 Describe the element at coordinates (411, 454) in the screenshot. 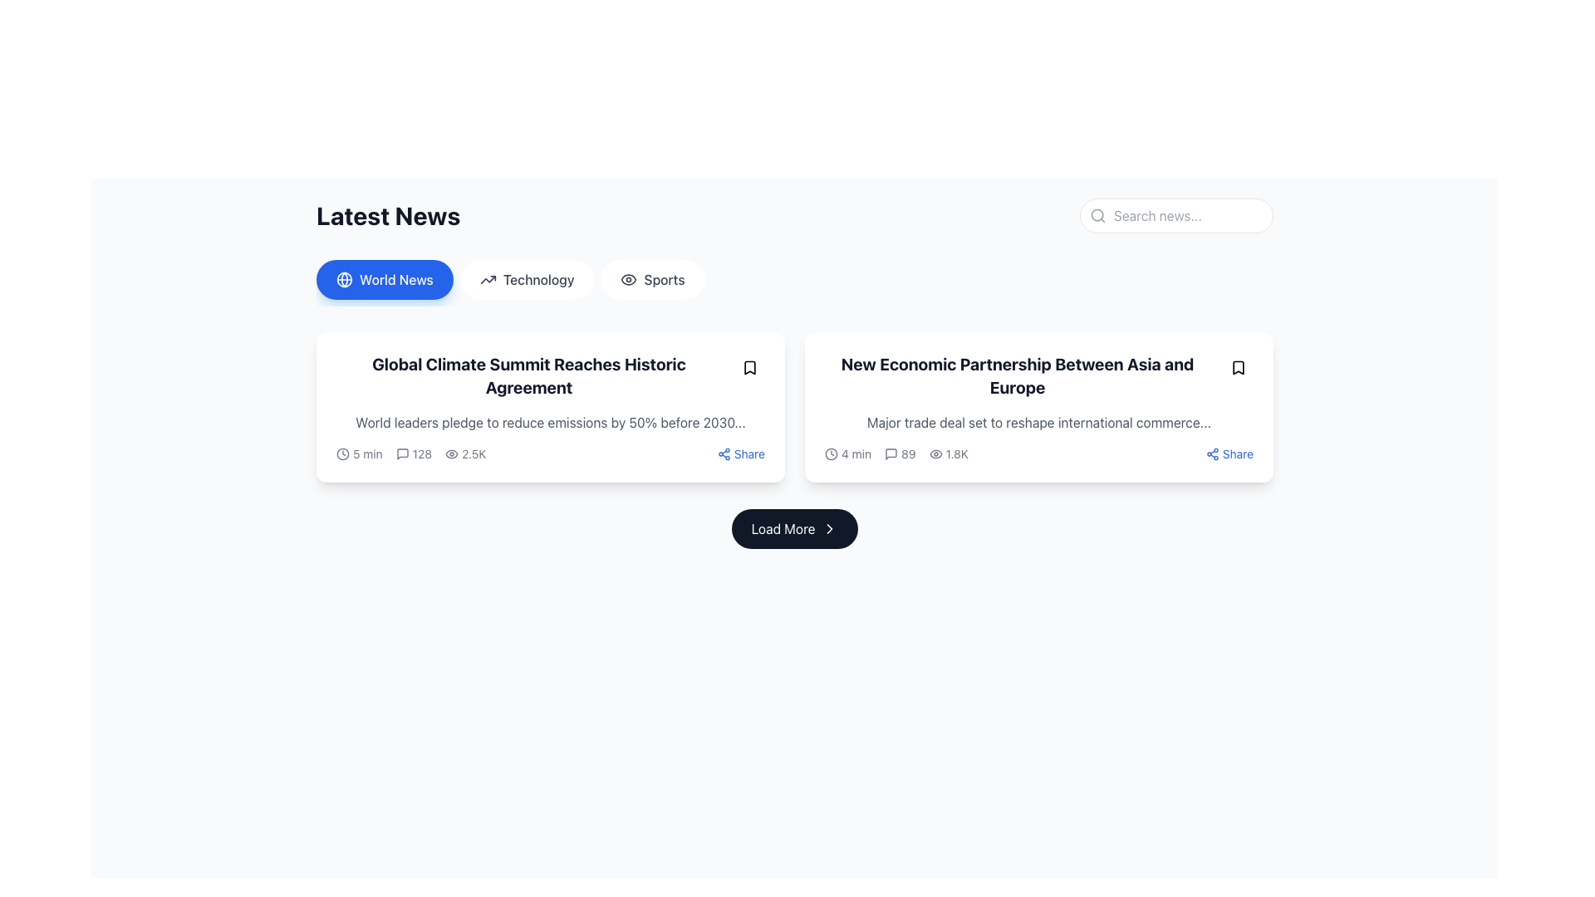

I see `the Icon-labeled text displaying the numerical text '128' with a speech bubble icon, which is positioned between the '5 min' and '2.5K' elements in the detail bar under the title 'Global Climate Summit Reaches Historic Agreement'` at that location.